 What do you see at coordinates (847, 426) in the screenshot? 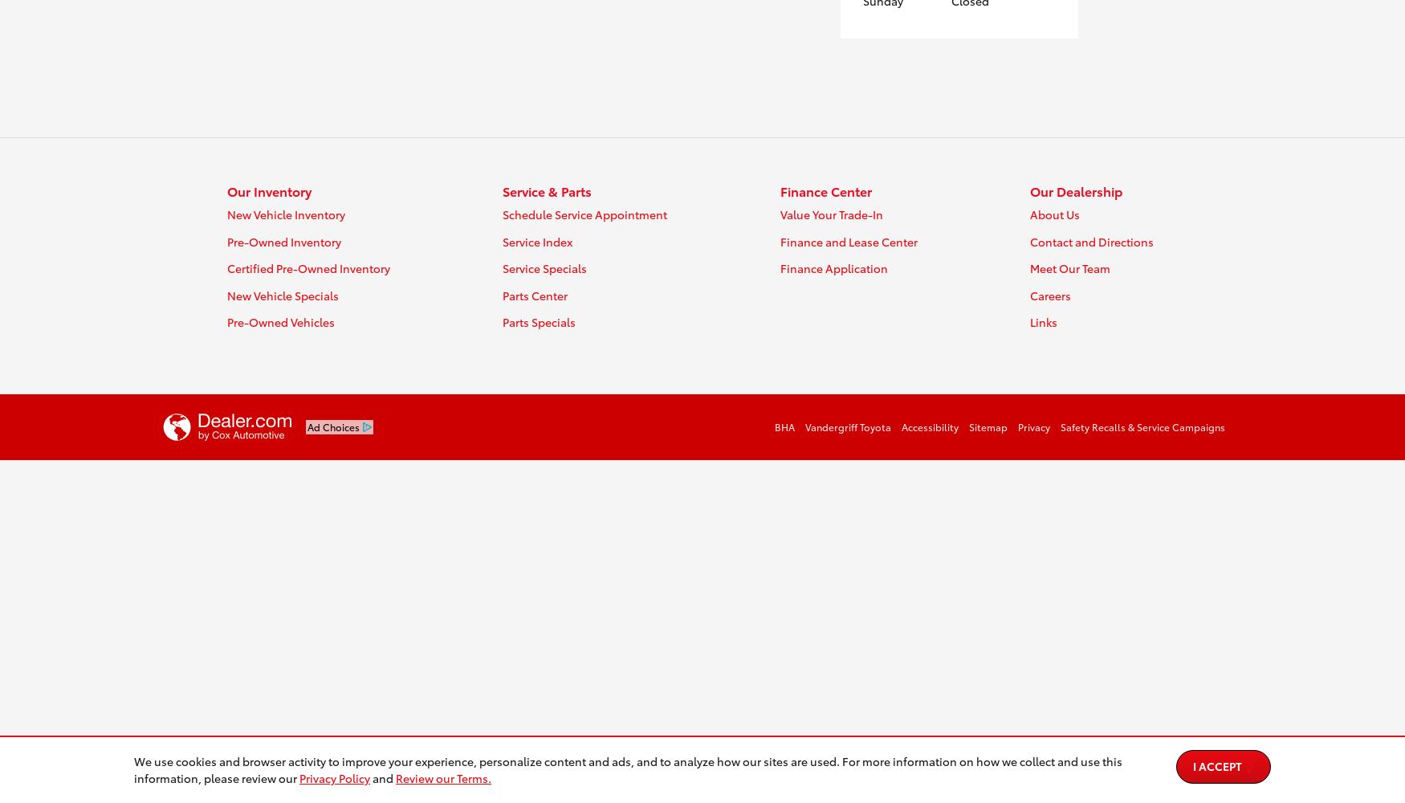
I see `'Vandergriff Toyota'` at bounding box center [847, 426].